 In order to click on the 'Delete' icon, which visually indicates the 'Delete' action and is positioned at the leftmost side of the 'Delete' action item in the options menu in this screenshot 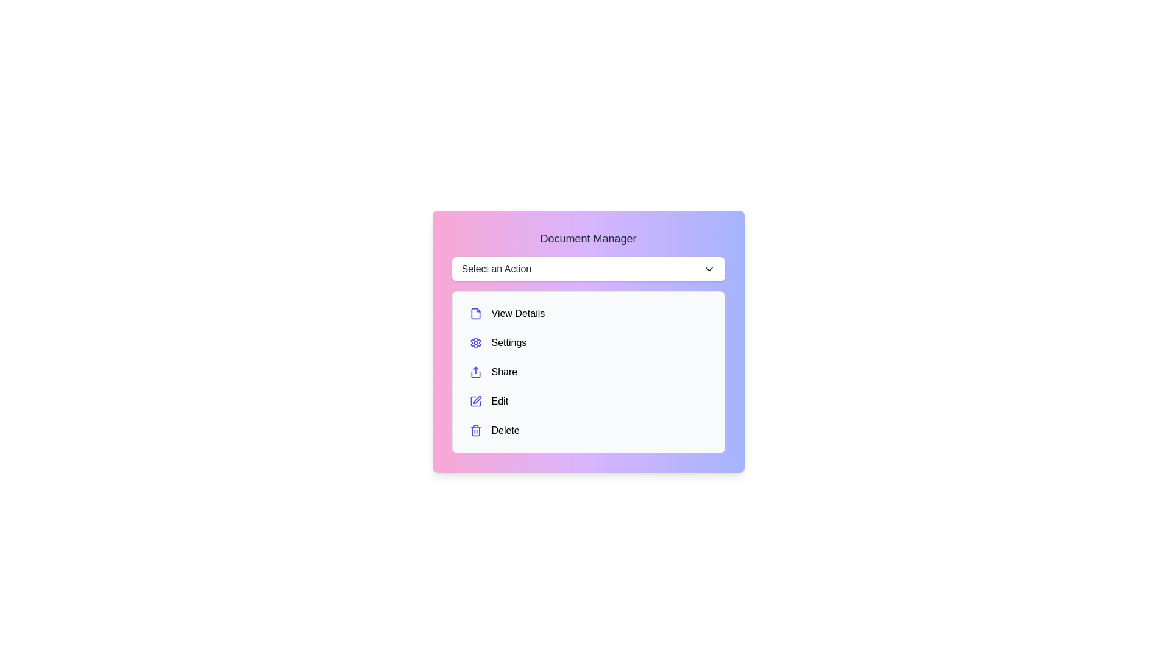, I will do `click(475, 430)`.